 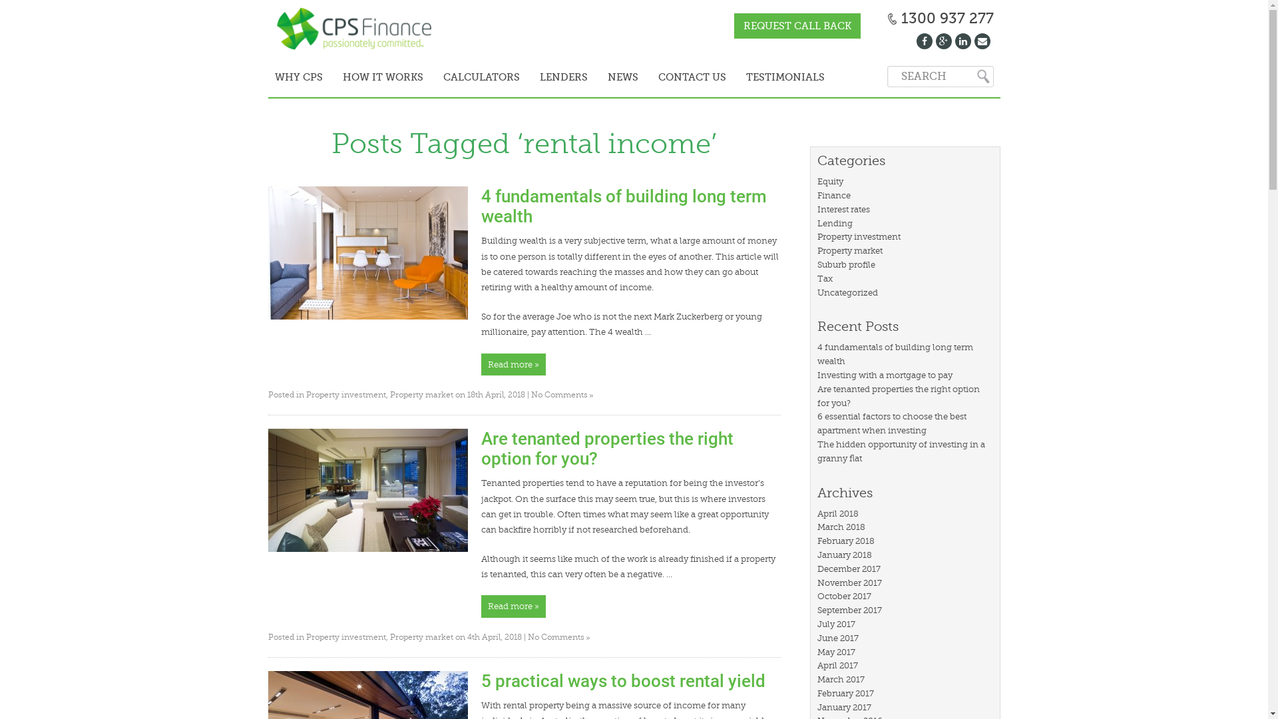 I want to click on 'Tax', so click(x=824, y=278).